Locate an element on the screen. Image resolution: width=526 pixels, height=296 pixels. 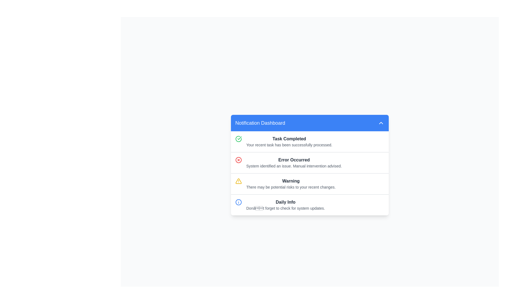
the green circular icon with a checkmark inside, located to the left of the 'Task Completed' label in the notification dashboard is located at coordinates (238, 138).